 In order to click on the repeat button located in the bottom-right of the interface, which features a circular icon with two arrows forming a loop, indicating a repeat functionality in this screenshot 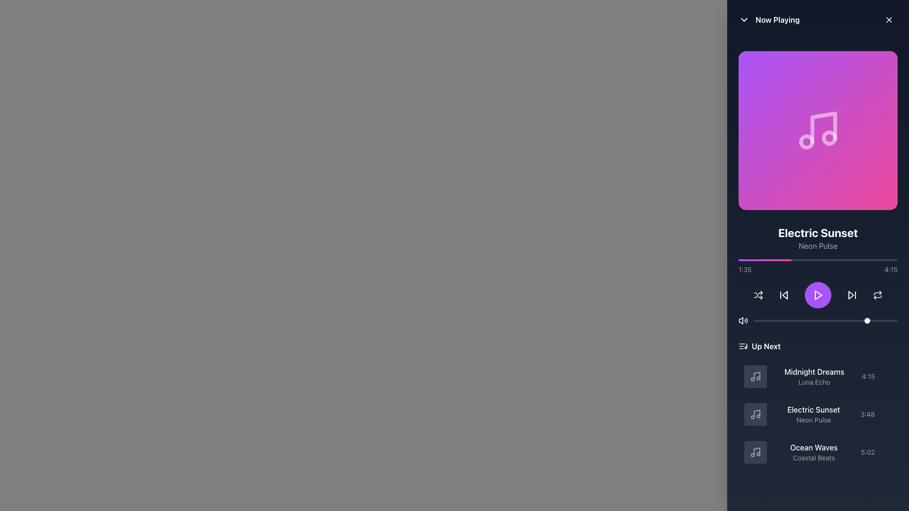, I will do `click(877, 295)`.